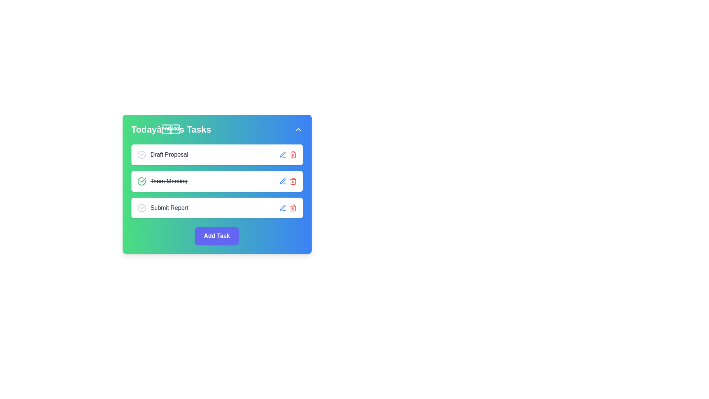  I want to click on the 'Add Task' button with a blue background and bold text, located at the bottom of the 'Today's Tasks' card, so click(216, 236).